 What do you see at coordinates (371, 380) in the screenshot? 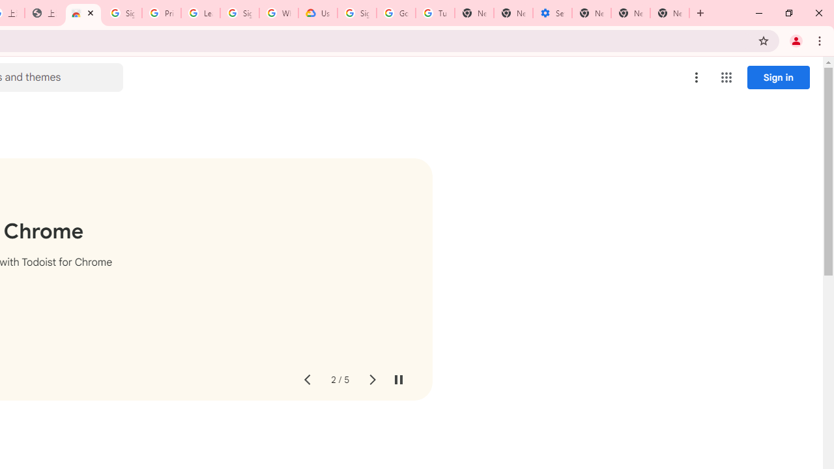
I see `'Next slide'` at bounding box center [371, 380].